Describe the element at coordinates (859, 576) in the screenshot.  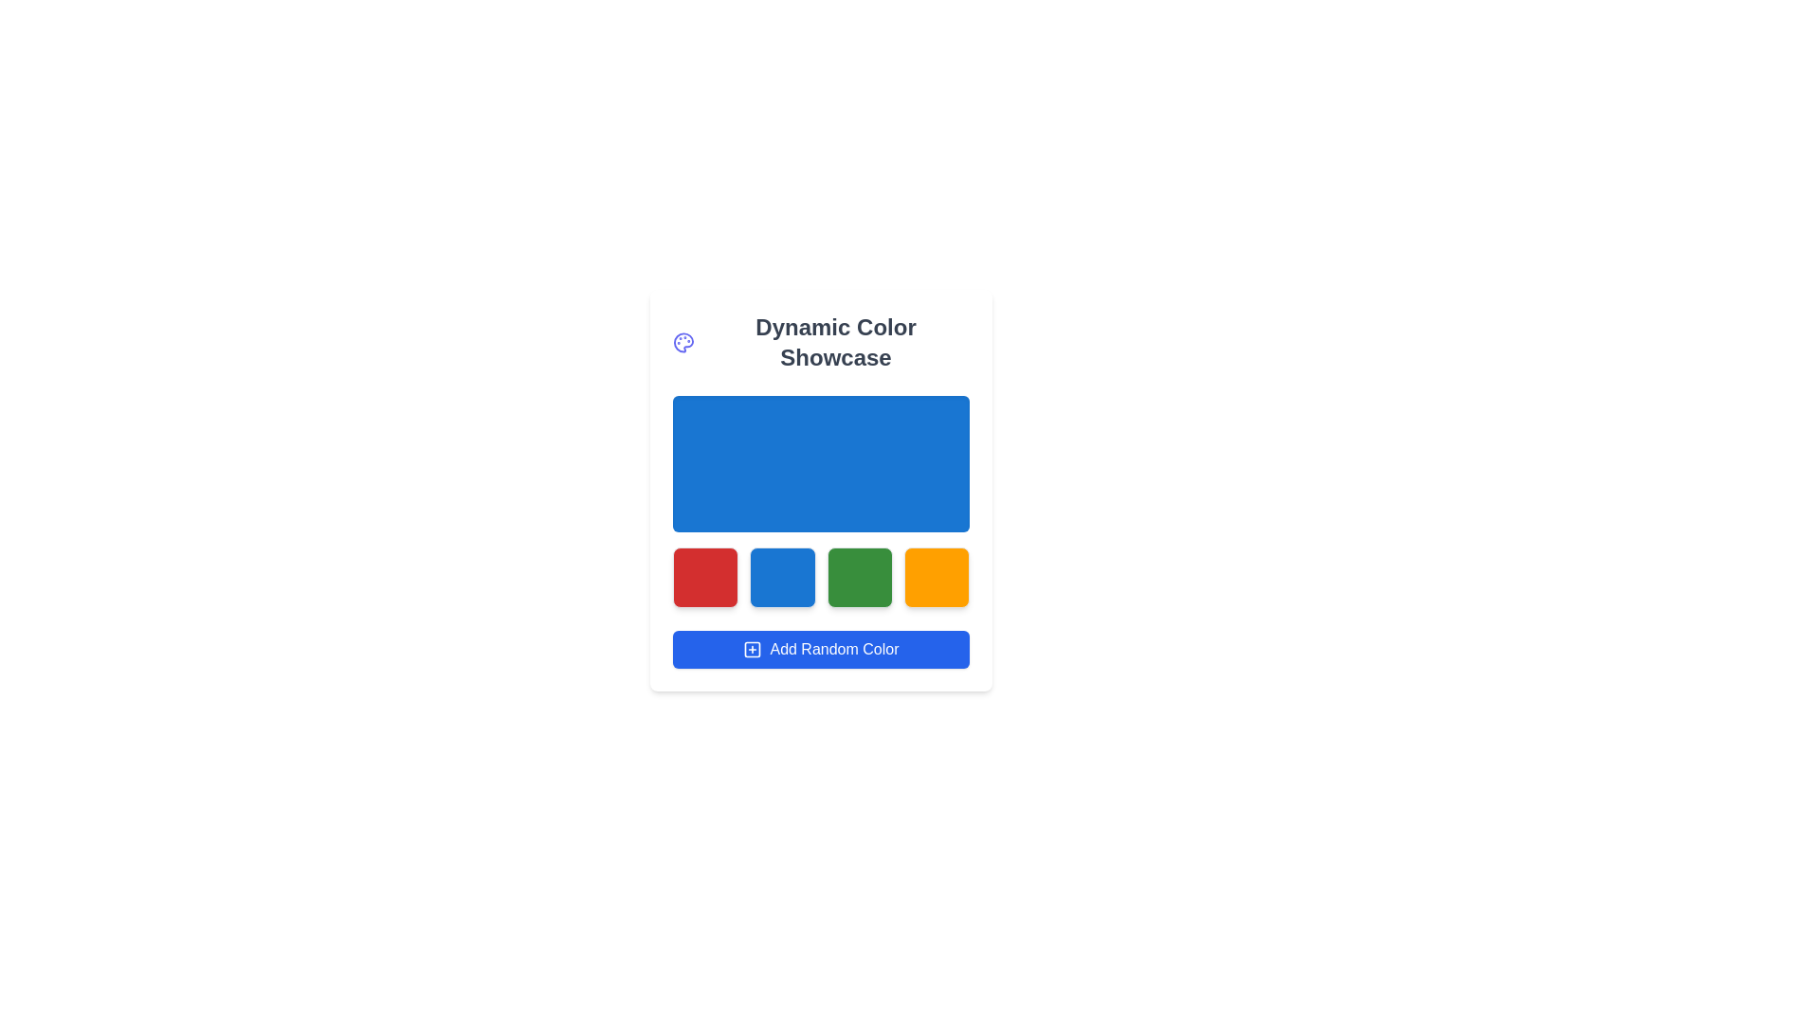
I see `the third colored block in a horizontal sequence of four colored blocks, located near the bottom of the interface, positioned between a blue block on the left and an orange block on the right` at that location.